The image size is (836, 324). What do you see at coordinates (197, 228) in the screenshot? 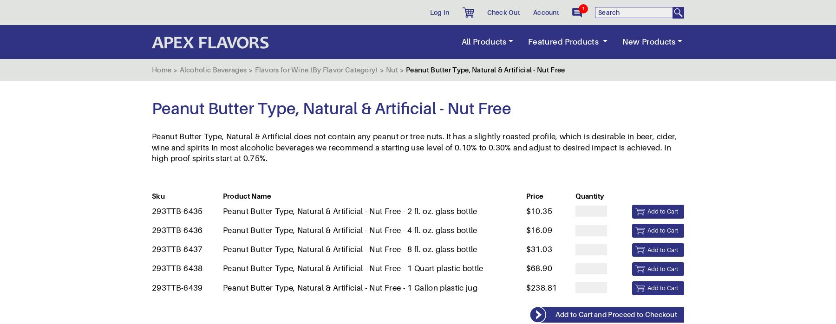
I see `'Kosher Certified.'` at bounding box center [197, 228].